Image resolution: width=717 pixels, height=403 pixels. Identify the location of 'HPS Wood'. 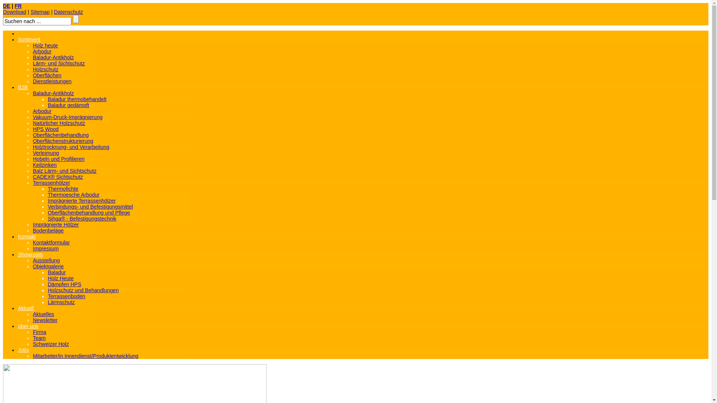
(45, 129).